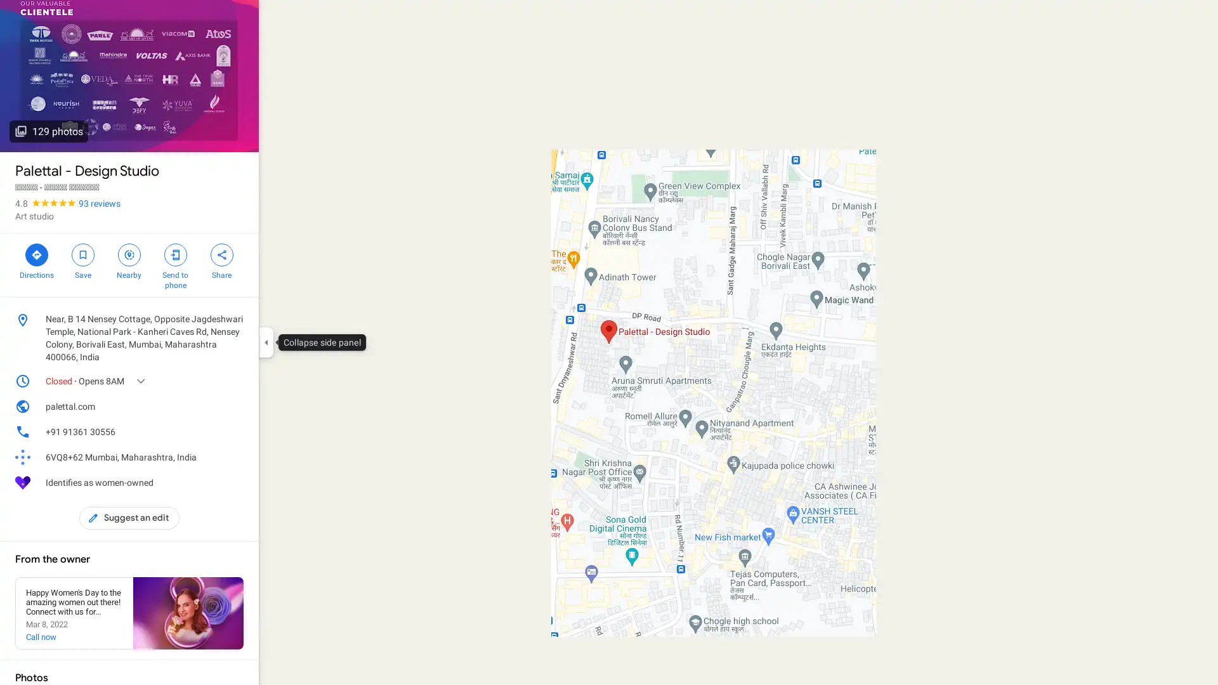 The height and width of the screenshot is (685, 1218). I want to click on Copy plus code, so click(218, 457).